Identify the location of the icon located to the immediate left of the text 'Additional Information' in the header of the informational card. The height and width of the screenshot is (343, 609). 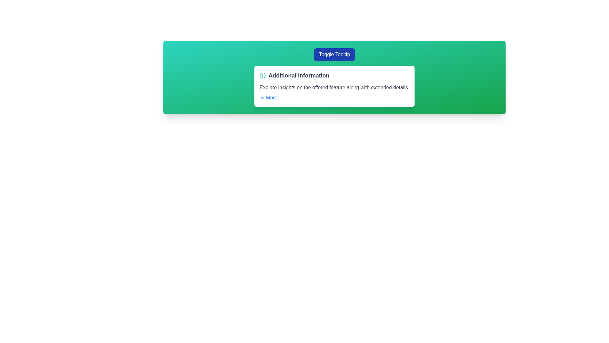
(263, 75).